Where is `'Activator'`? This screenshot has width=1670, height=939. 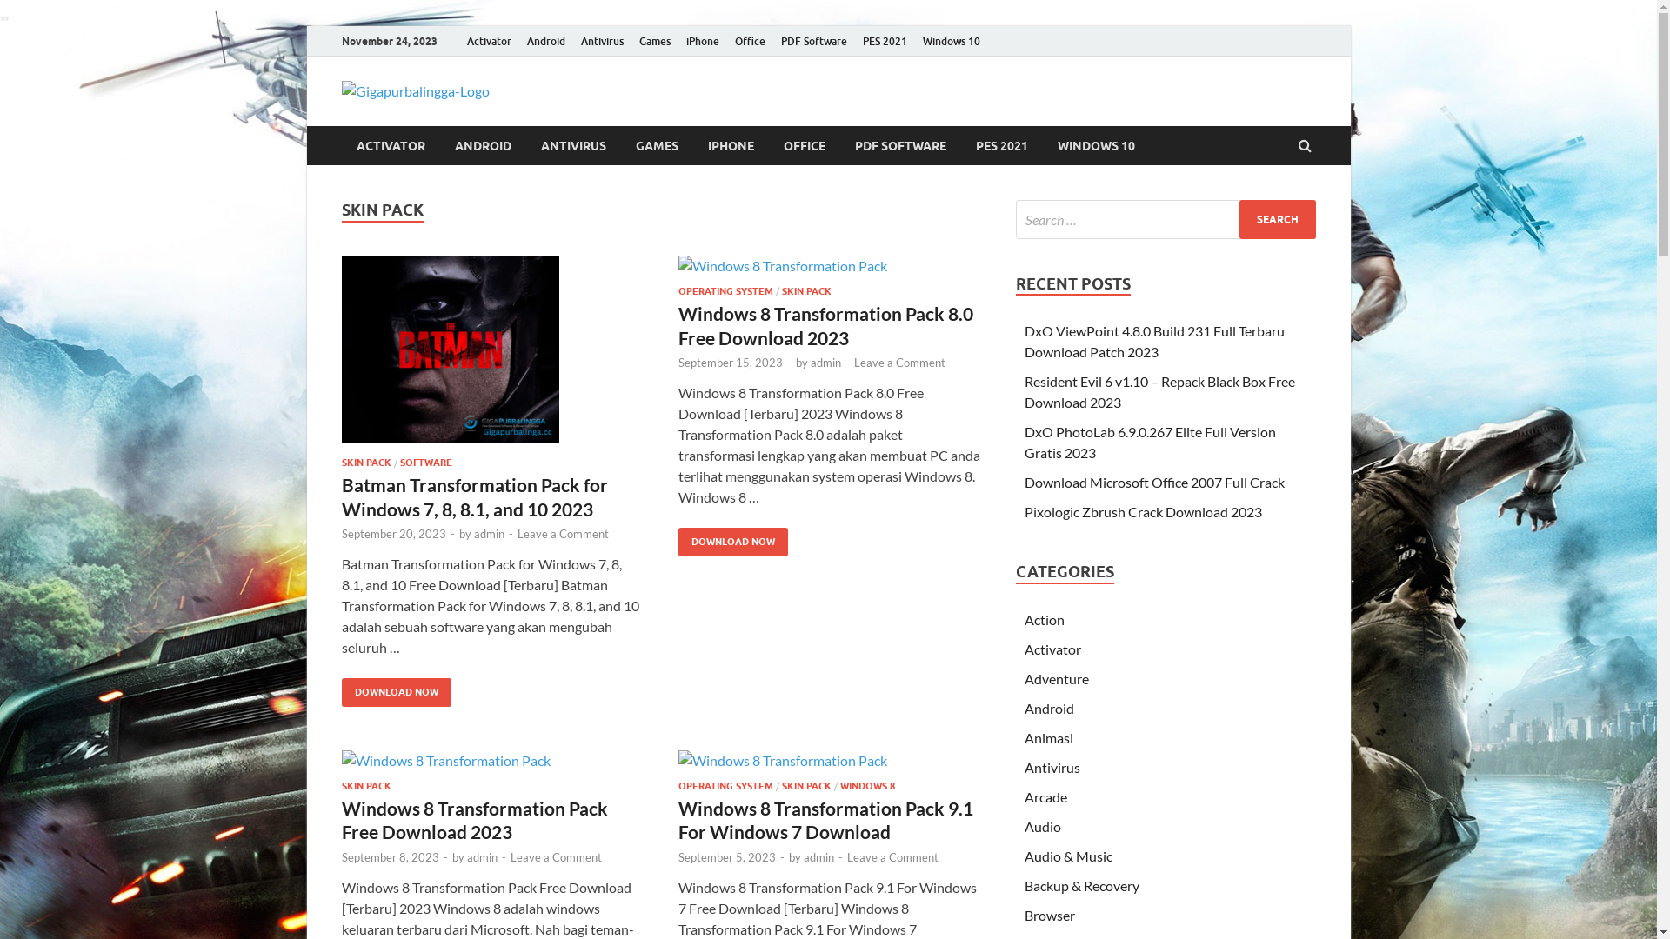
'Activator' is located at coordinates (488, 40).